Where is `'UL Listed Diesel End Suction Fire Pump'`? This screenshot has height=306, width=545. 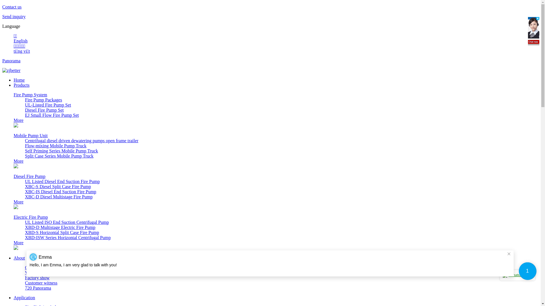 'UL Listed Diesel End Suction Fire Pump' is located at coordinates (24, 181).